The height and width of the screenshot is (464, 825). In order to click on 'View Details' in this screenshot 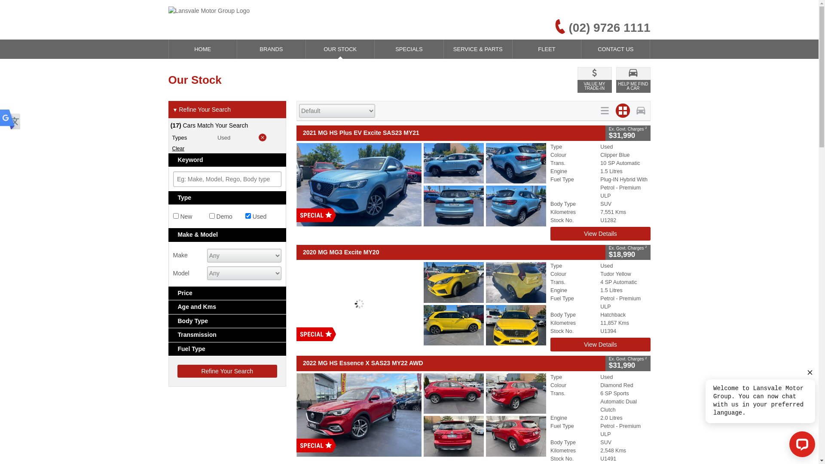, I will do `click(599, 233)`.